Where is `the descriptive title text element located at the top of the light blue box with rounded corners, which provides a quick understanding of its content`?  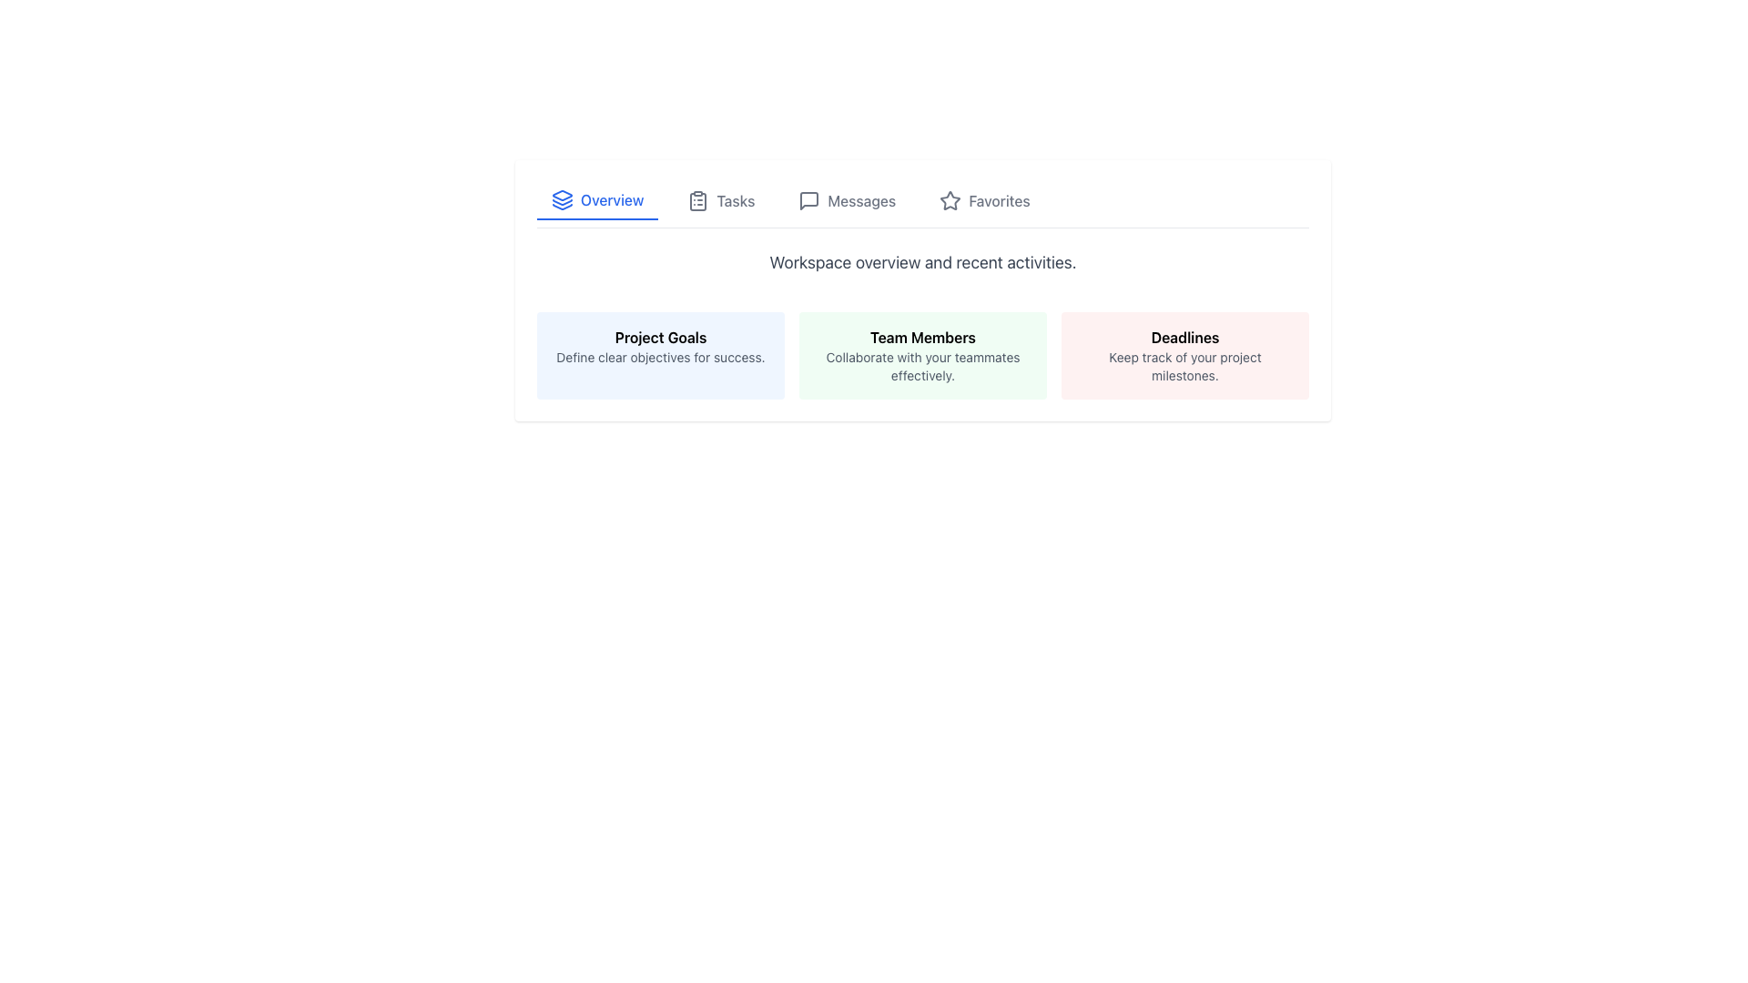
the descriptive title text element located at the top of the light blue box with rounded corners, which provides a quick understanding of its content is located at coordinates (659, 337).